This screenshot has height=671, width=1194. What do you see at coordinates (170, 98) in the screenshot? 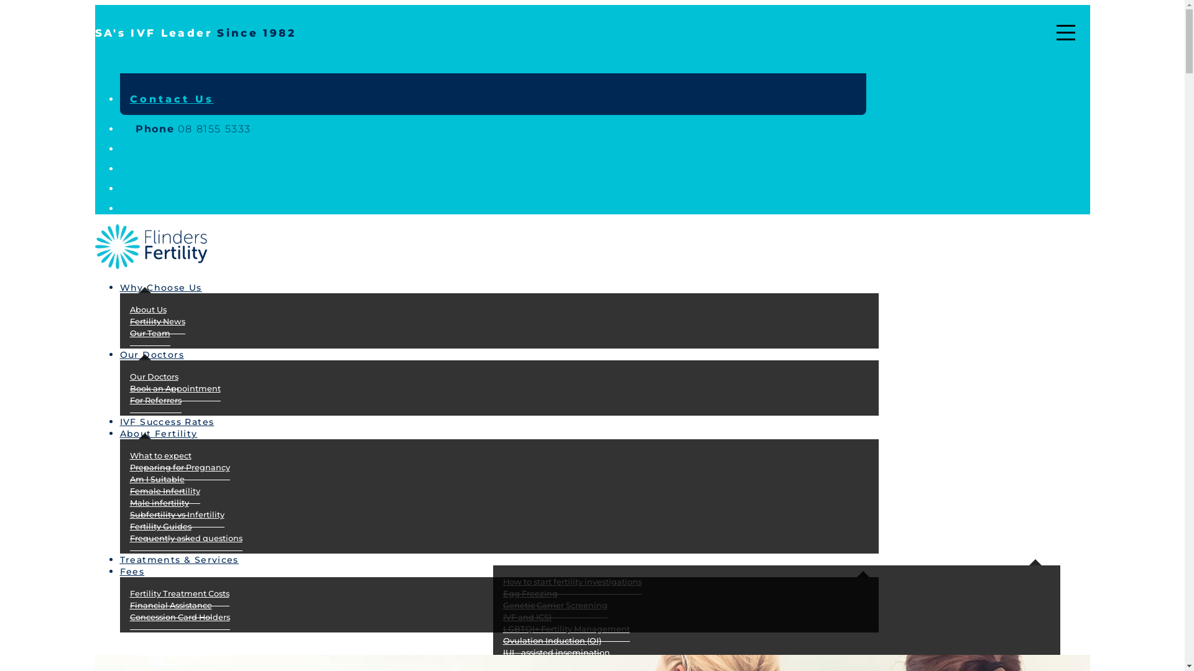
I see `'Contact Us'` at bounding box center [170, 98].